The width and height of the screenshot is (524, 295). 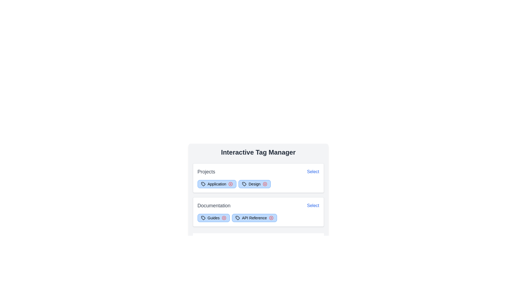 I want to click on the 'Design' button in the 'Projects' section, which contains an SVG icon representing a tag, located to the left of the 'Design' label, so click(x=244, y=184).